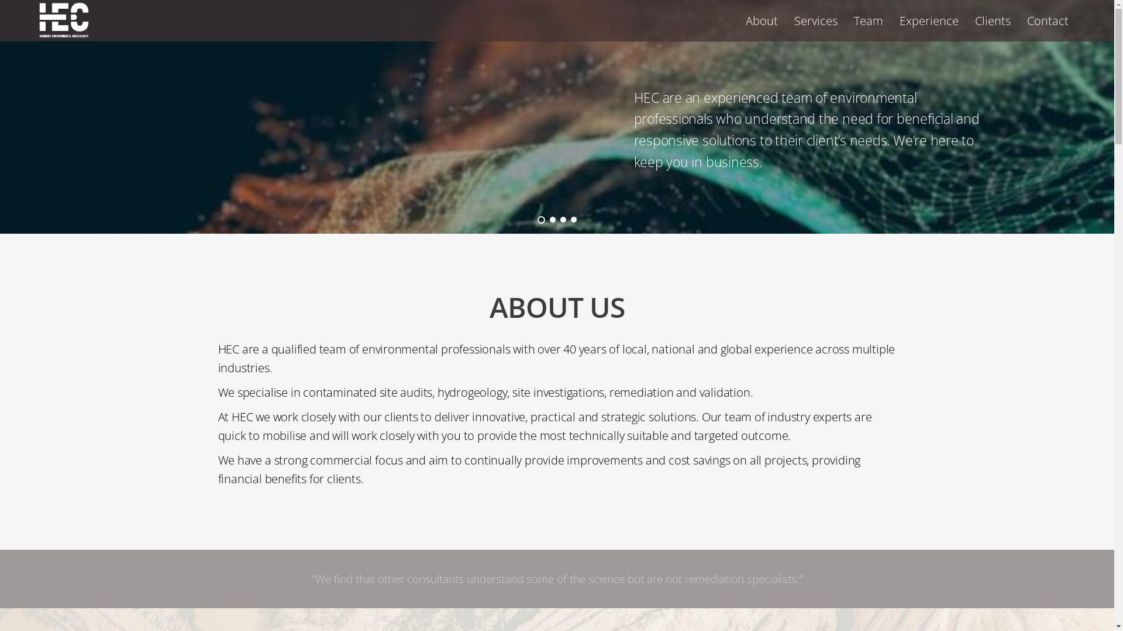 This screenshot has height=631, width=1123. Describe the element at coordinates (892, 20) in the screenshot. I see `'Experience'` at that location.